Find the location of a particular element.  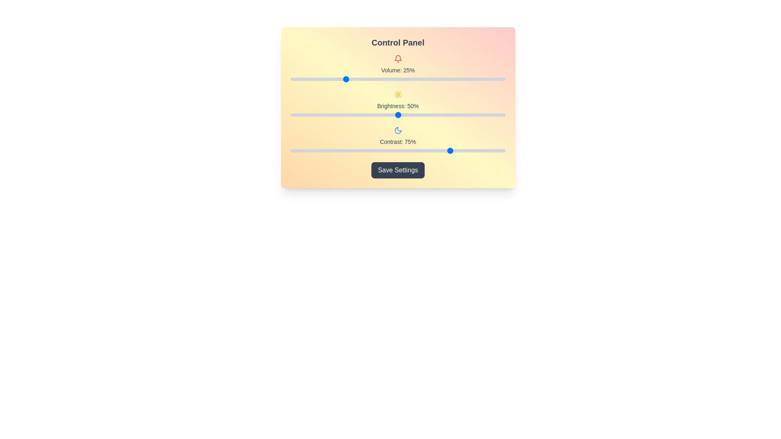

the text label displaying 'Contrast: 75%' in a medium-sized, gray font located within the control panel is located at coordinates (398, 141).